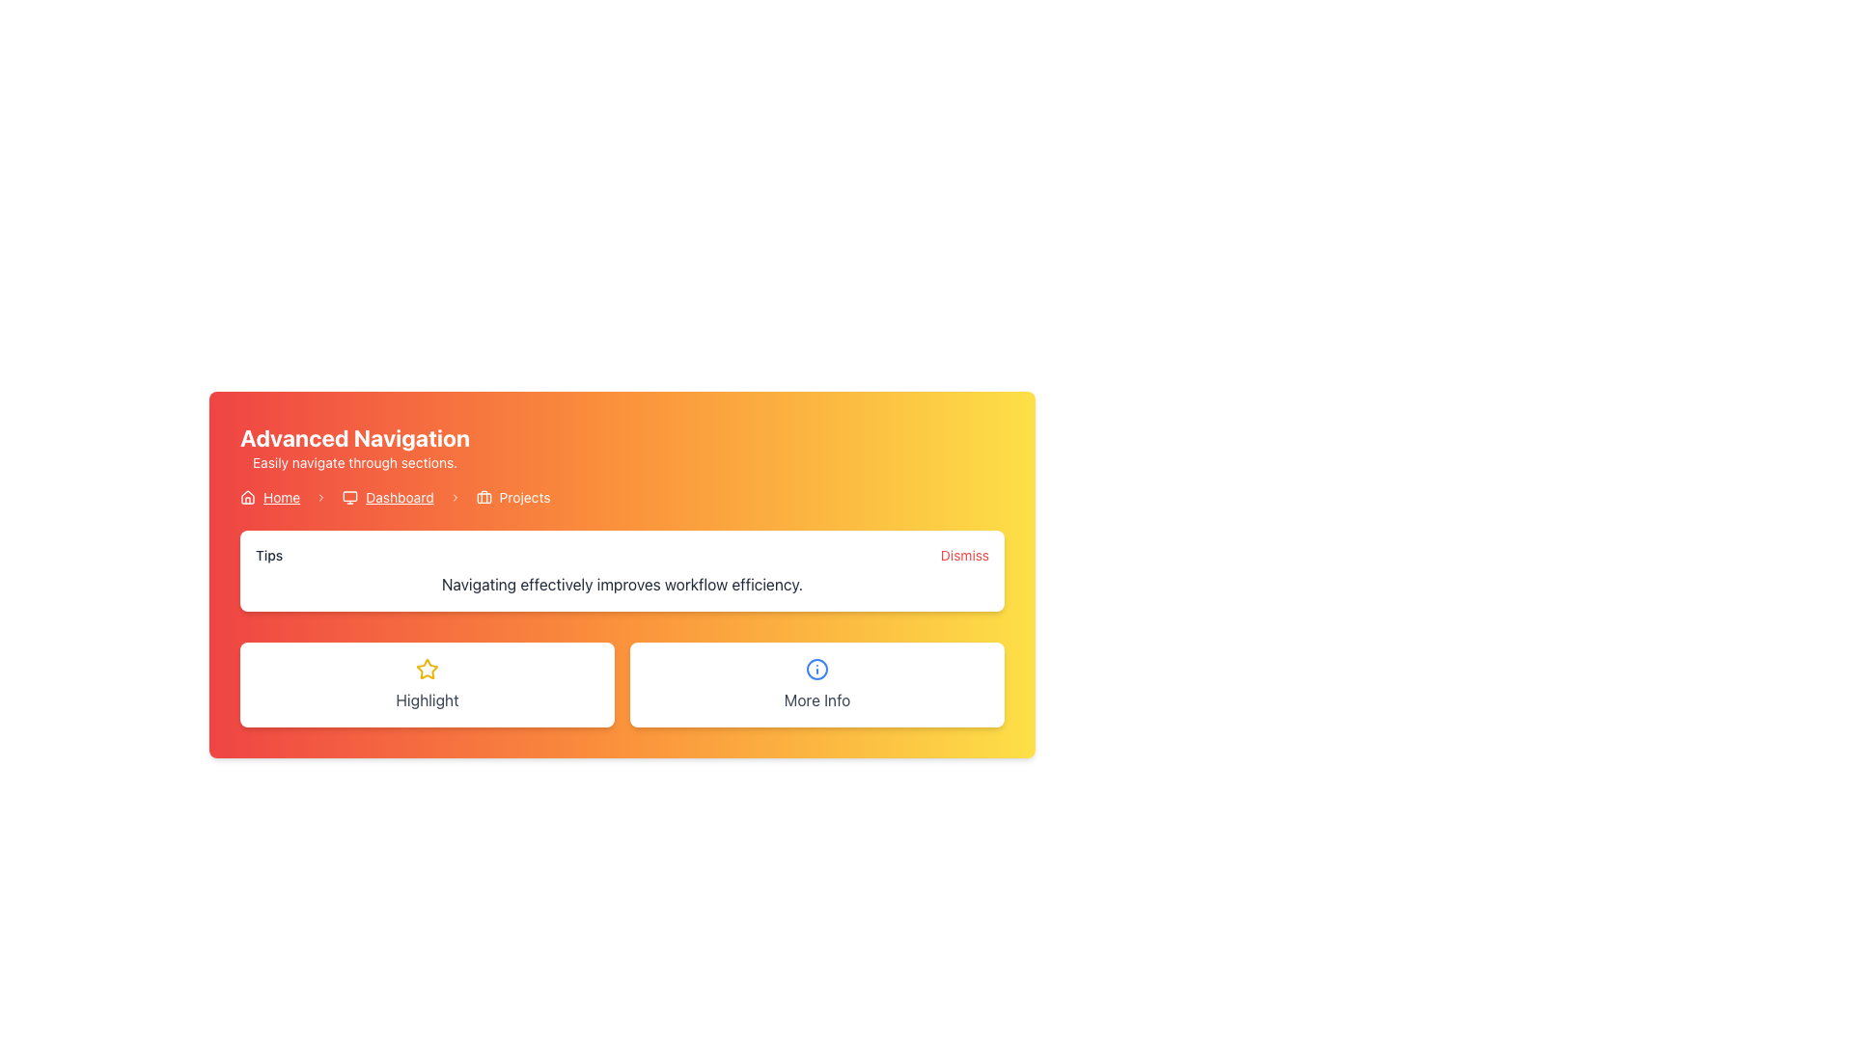 The height and width of the screenshot is (1042, 1853). What do you see at coordinates (350, 495) in the screenshot?
I see `the graphical icon component that is part of the monitor icon in the breadcrumb navigation bar` at bounding box center [350, 495].